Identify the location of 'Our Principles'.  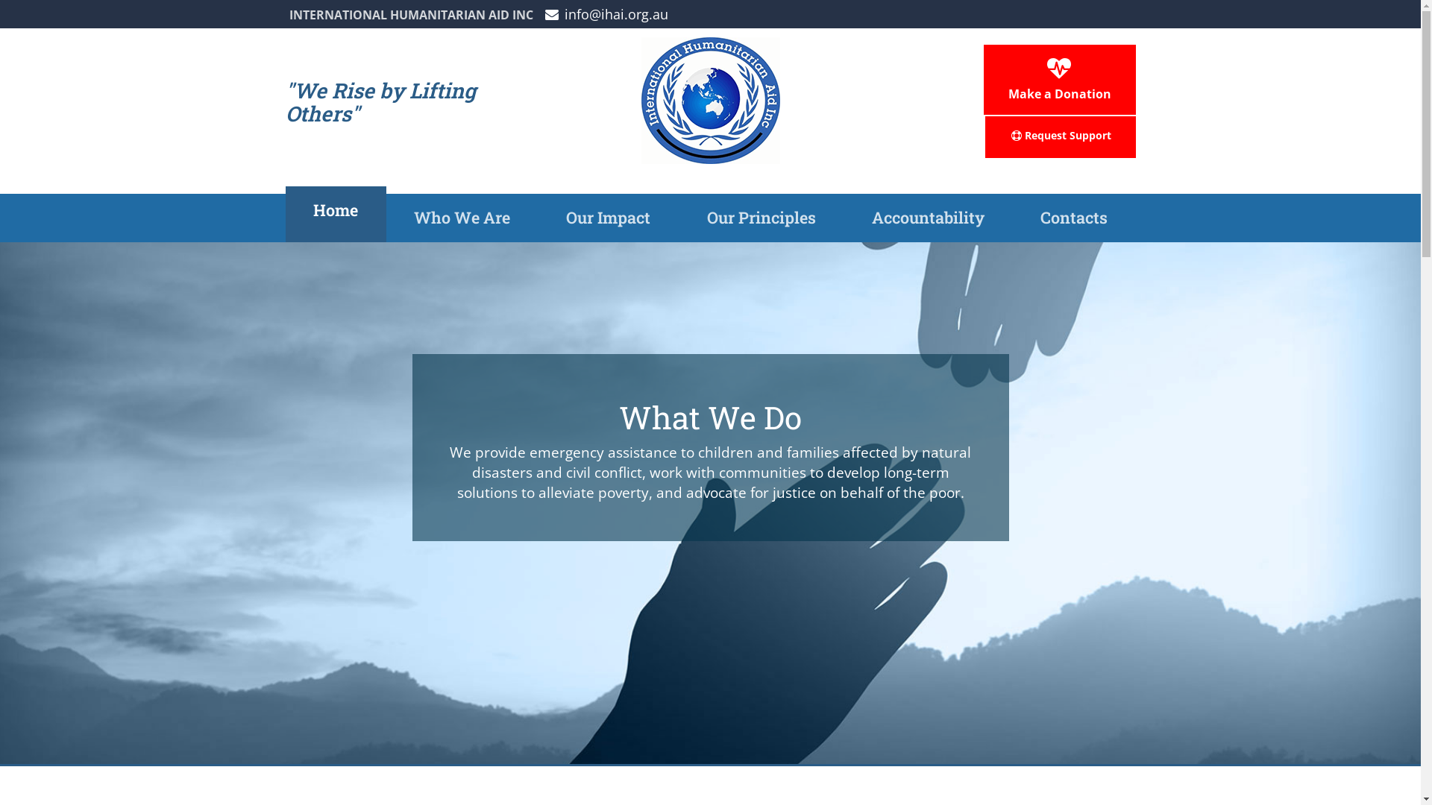
(678, 218).